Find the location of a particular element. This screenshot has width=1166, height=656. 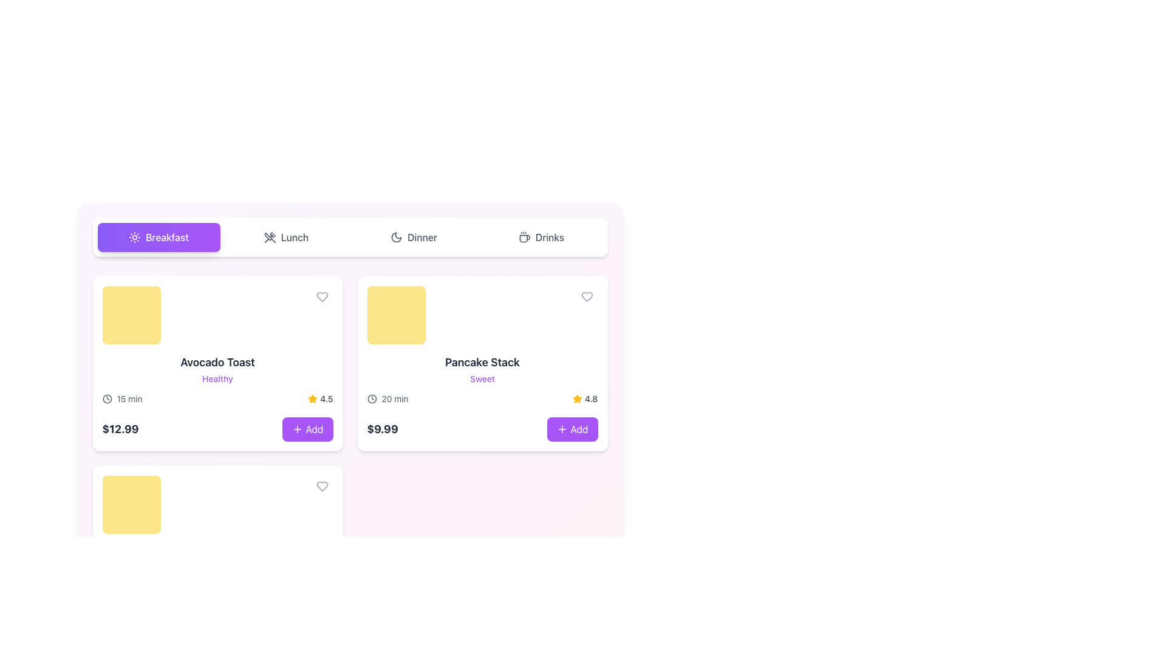

the button located to the right of the price label ('$9.99') is located at coordinates (571, 428).